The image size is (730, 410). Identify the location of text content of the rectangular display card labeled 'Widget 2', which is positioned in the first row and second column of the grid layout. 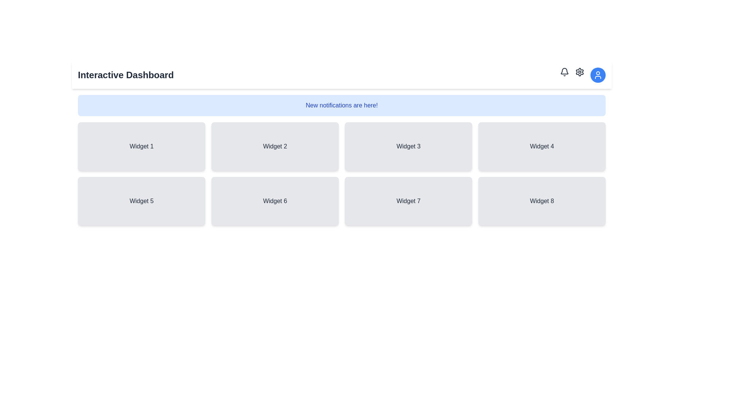
(275, 146).